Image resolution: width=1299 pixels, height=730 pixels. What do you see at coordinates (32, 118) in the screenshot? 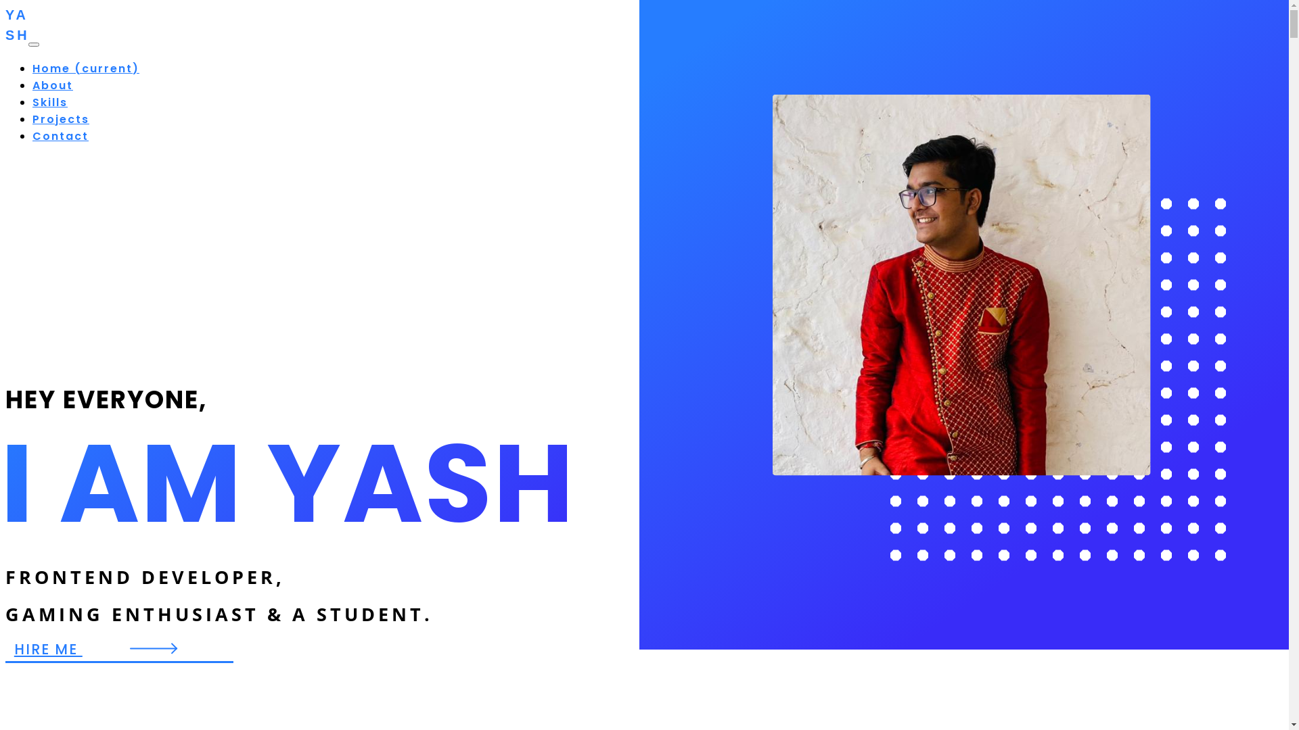
I see `'Projects'` at bounding box center [32, 118].